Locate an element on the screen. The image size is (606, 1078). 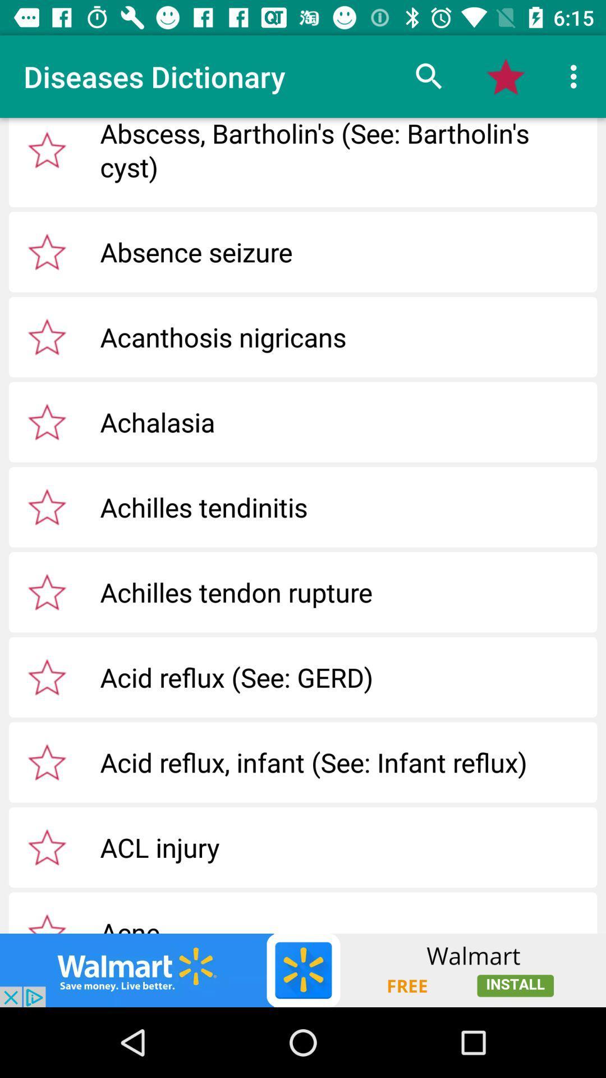
set as important is located at coordinates (47, 506).